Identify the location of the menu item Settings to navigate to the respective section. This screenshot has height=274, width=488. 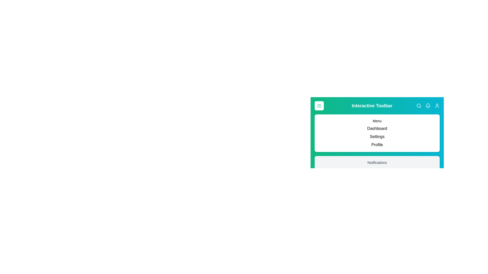
(377, 136).